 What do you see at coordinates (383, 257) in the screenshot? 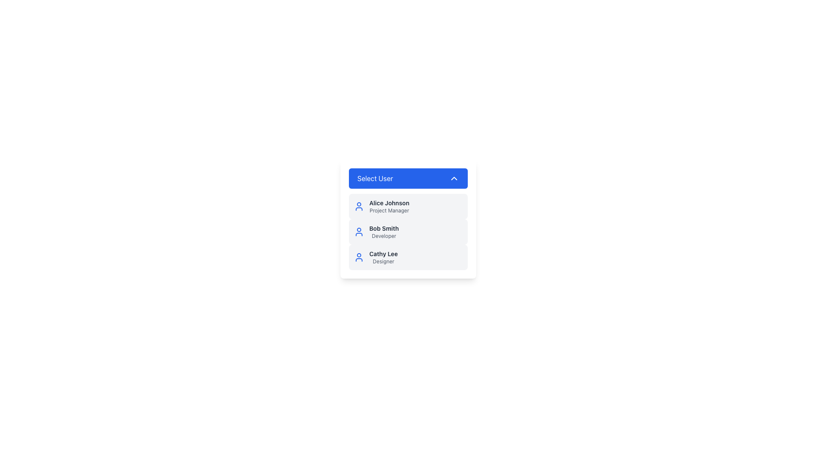
I see `the text label displaying the name and job title of the user in the third row of the user selection menu` at bounding box center [383, 257].